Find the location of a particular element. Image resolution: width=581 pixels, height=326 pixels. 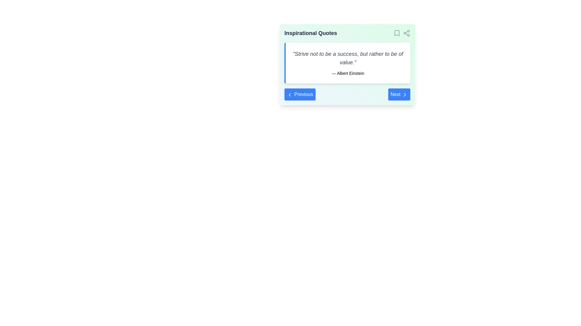

the text display element that shows the quote: '"Strive not to be a success, but rather to be of value."' styled in large, italicized gray font is located at coordinates (348, 58).